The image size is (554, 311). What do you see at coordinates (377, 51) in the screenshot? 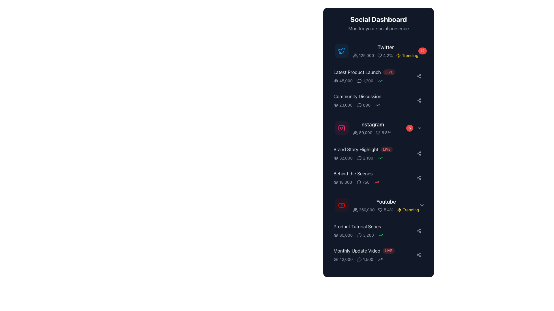
I see `the Twitter social media summary block` at bounding box center [377, 51].